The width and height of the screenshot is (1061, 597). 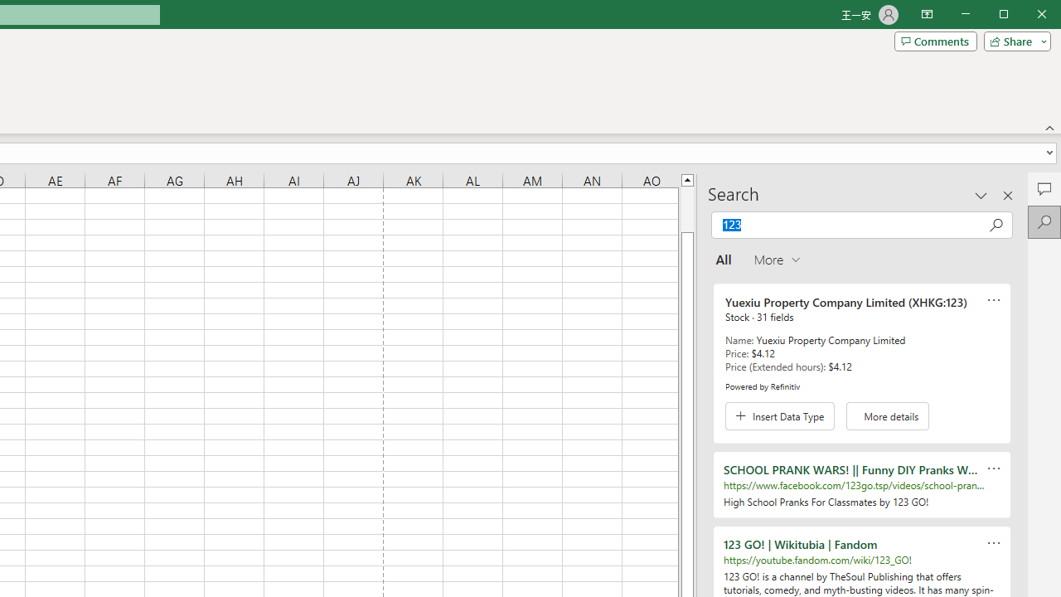 What do you see at coordinates (687, 208) in the screenshot?
I see `'Page up'` at bounding box center [687, 208].